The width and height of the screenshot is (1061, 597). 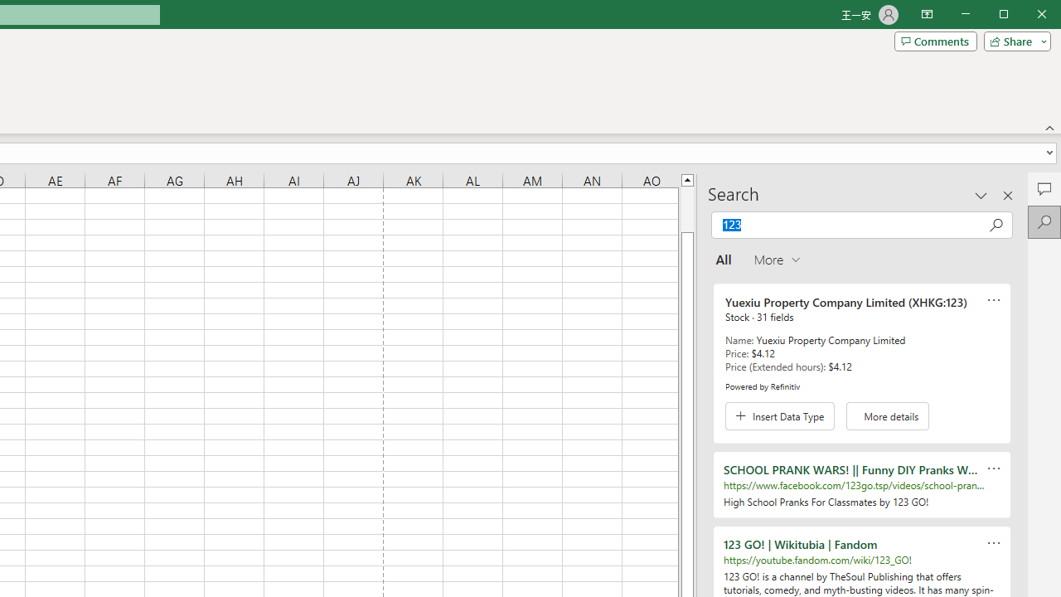 What do you see at coordinates (687, 208) in the screenshot?
I see `'Page up'` at bounding box center [687, 208].